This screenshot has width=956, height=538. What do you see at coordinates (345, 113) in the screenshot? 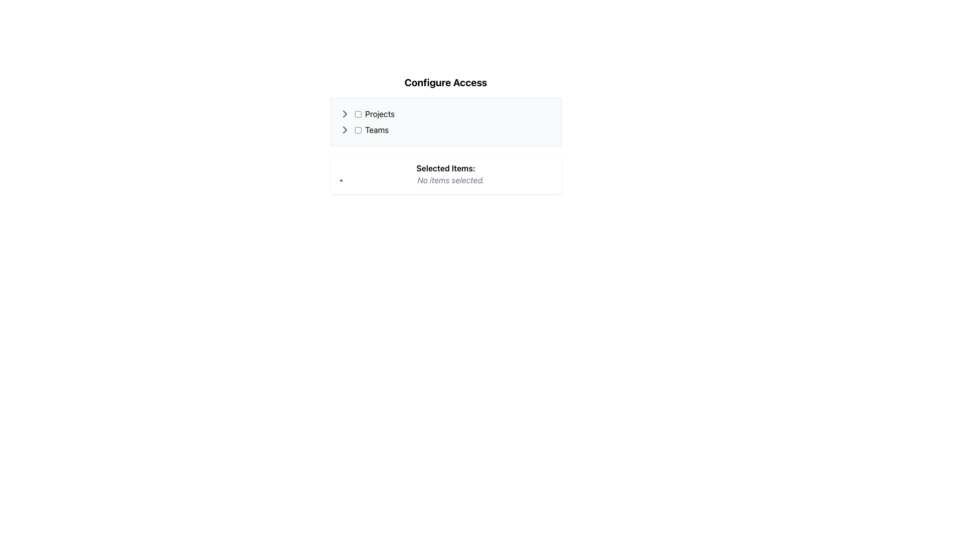
I see `the right-pointing chevron (>) icon in the 'Configure Access' section to get visual feedback` at bounding box center [345, 113].